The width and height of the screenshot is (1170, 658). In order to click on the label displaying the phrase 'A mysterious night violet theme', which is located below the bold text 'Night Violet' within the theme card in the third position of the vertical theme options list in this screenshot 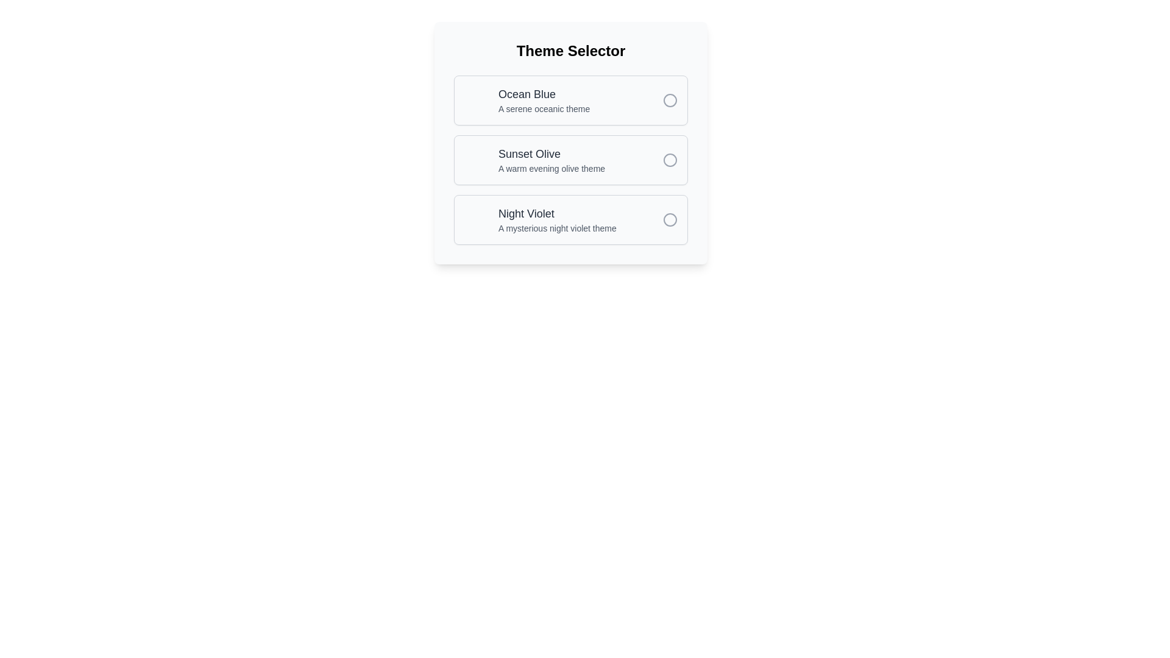, I will do `click(556, 228)`.